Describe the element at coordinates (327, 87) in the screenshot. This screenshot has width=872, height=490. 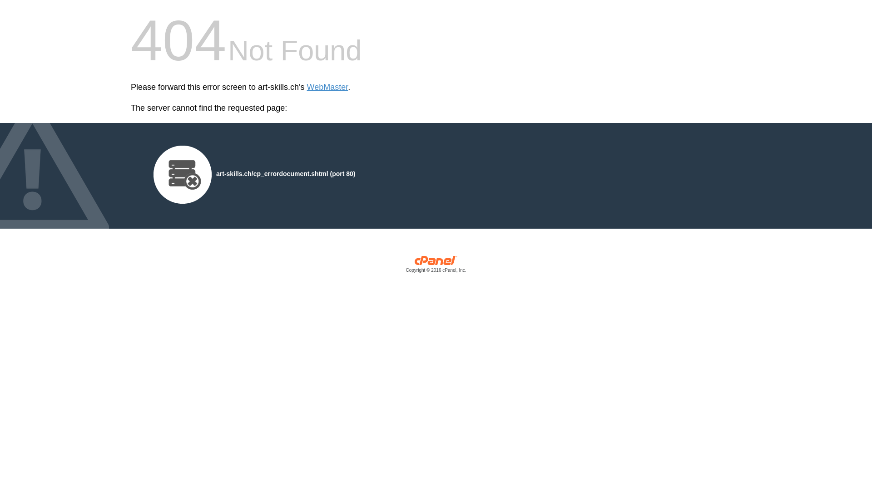
I see `'WebMaster'` at that location.